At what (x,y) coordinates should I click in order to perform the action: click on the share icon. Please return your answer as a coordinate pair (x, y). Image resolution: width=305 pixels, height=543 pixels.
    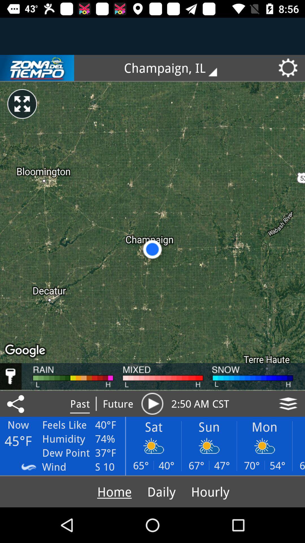
    Looking at the image, I should click on (16, 403).